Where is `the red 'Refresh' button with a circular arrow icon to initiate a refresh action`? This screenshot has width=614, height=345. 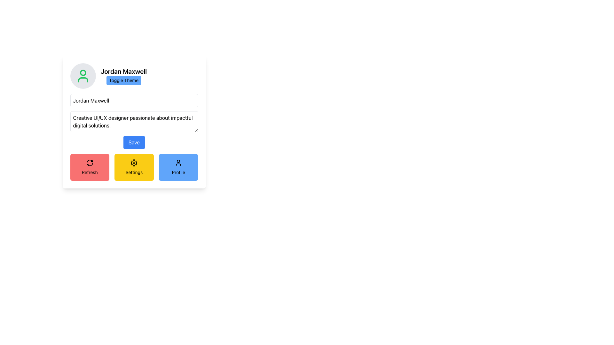
the red 'Refresh' button with a circular arrow icon to initiate a refresh action is located at coordinates (89, 167).